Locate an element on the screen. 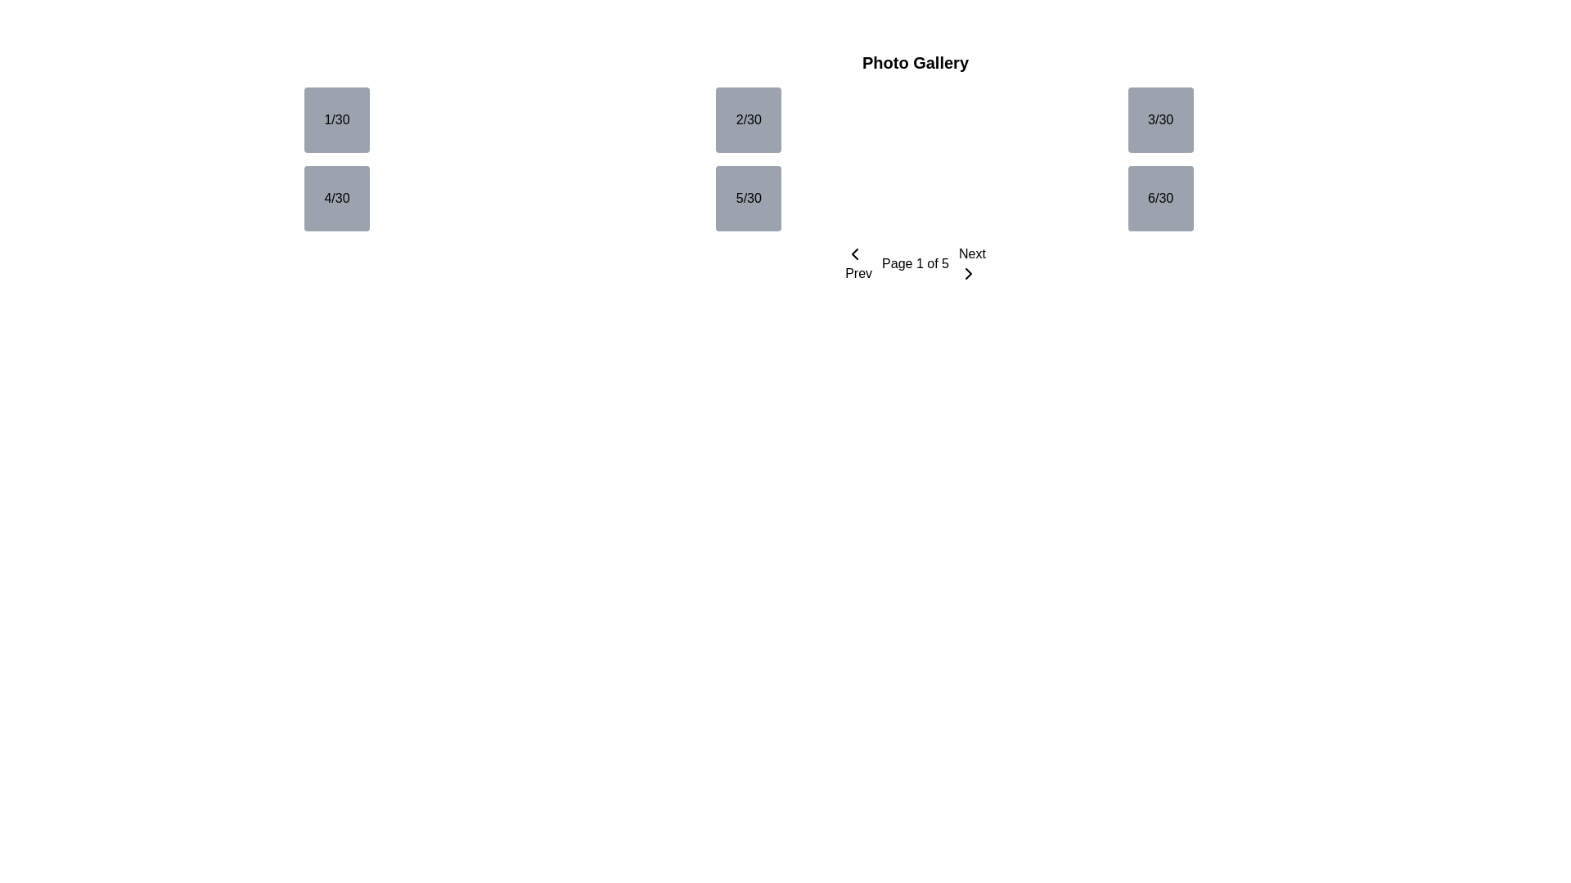  the left-pointing chevron icon, which signifies the 'previous' action in the navigation control is located at coordinates (854, 254).